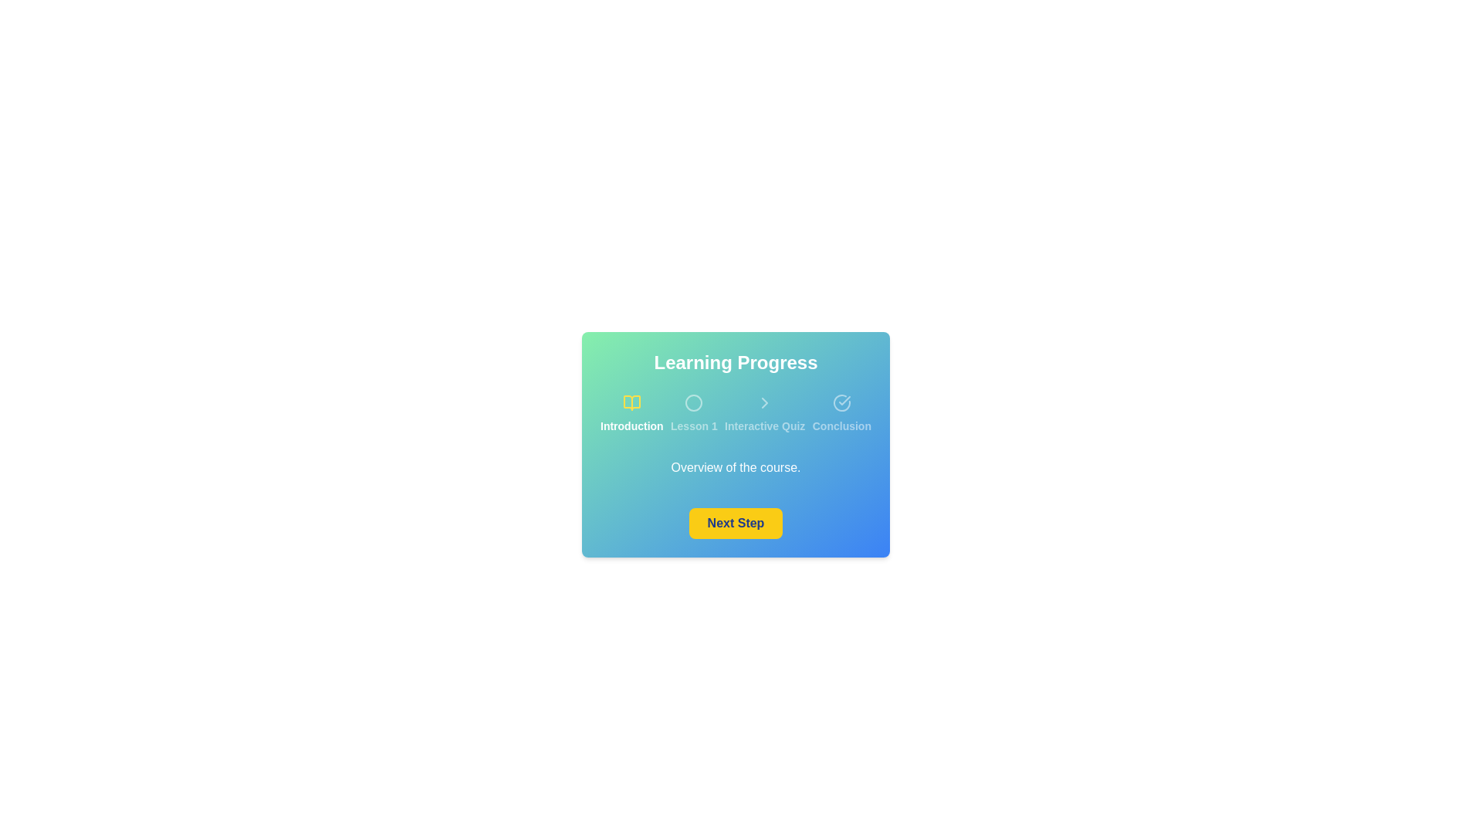 This screenshot has width=1482, height=834. What do you see at coordinates (735, 363) in the screenshot?
I see `text label that displays 'Learning Progress', which is prominently styled in bold white font against a gradient background in the header of the card component` at bounding box center [735, 363].